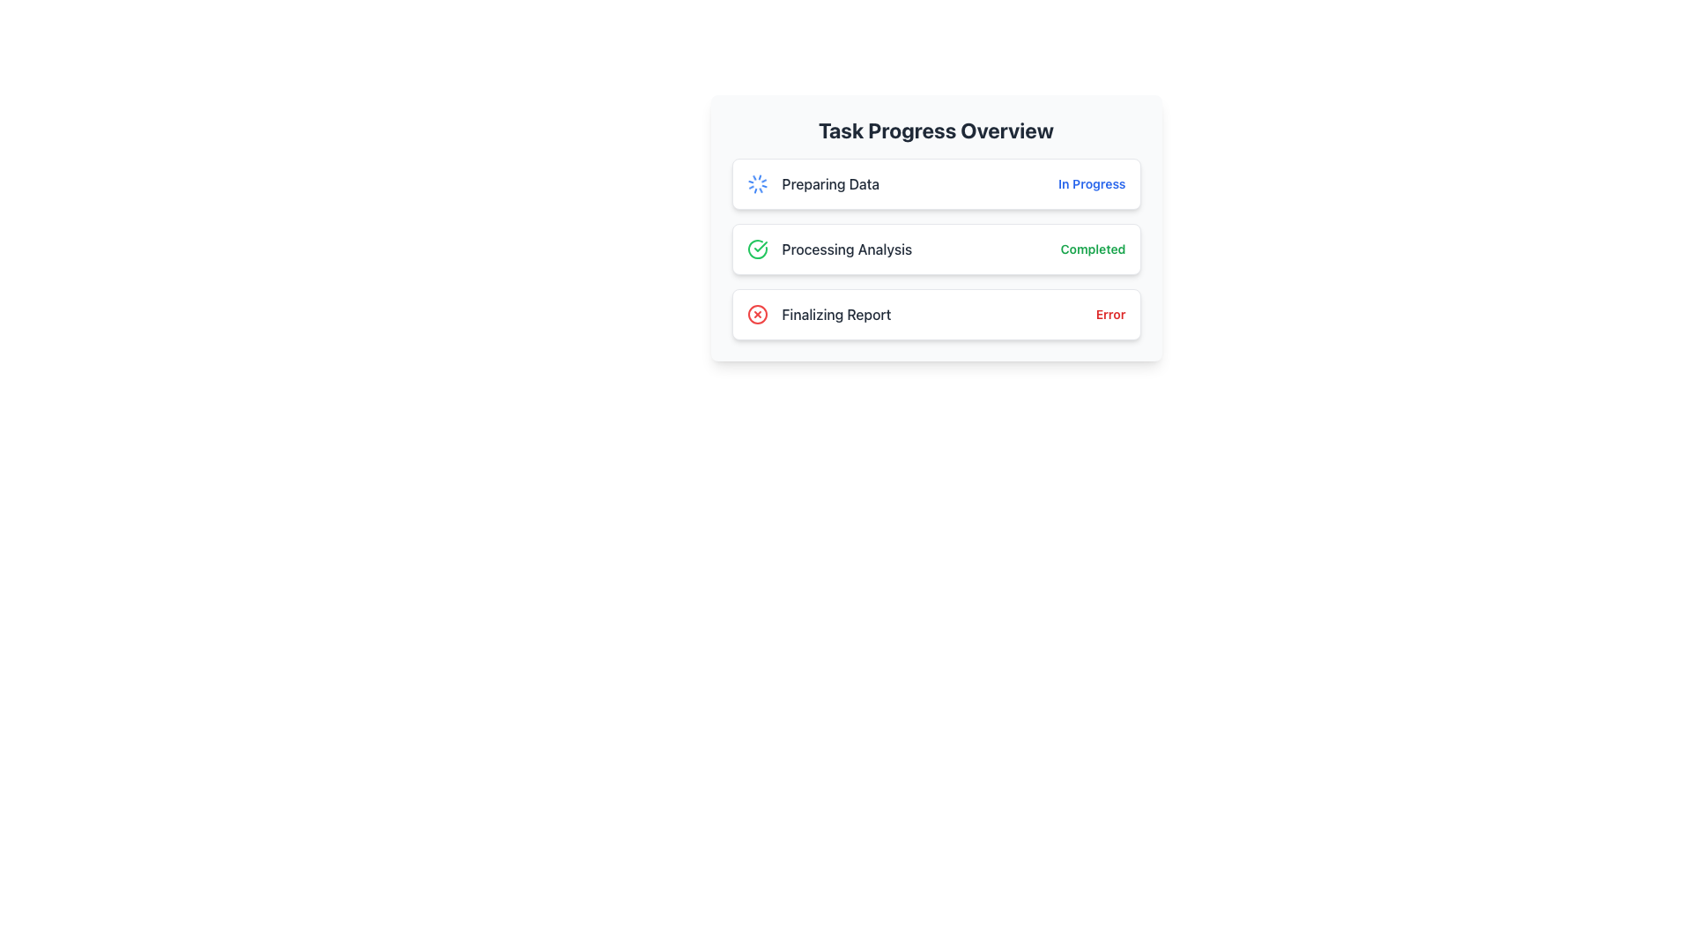 The width and height of the screenshot is (1692, 952). I want to click on the 'Preparing Data' status indicator text located at the top of the 'Task Progress Overview' section, so click(812, 183).